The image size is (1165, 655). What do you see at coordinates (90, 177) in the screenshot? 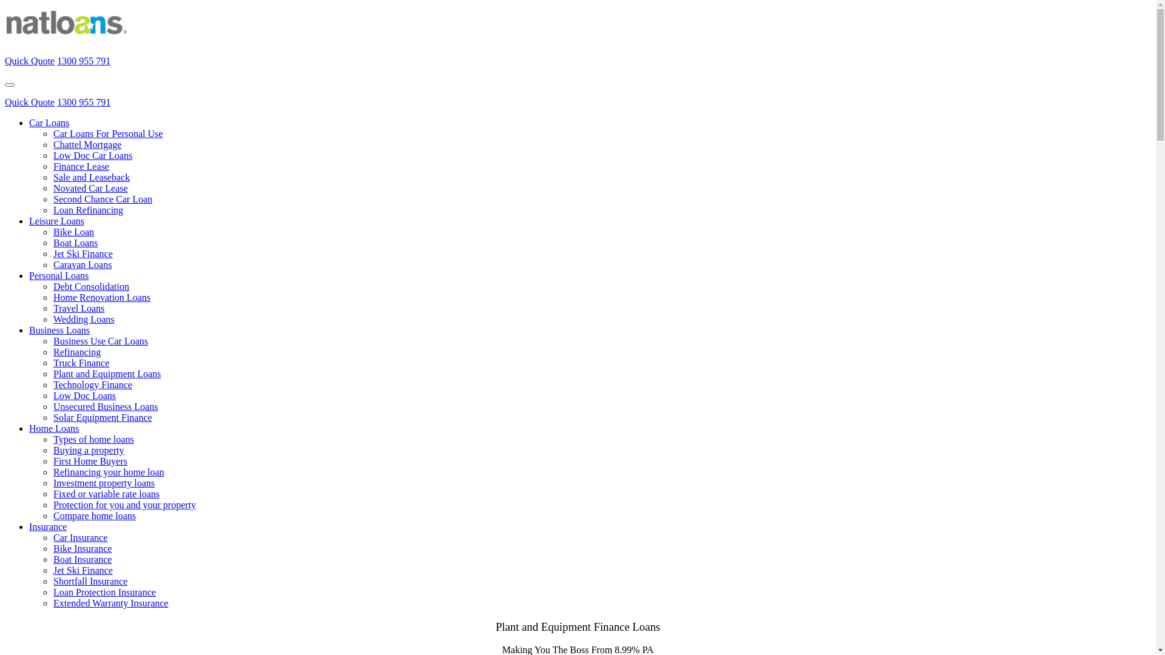
I see `'Sale and Leaseback'` at bounding box center [90, 177].